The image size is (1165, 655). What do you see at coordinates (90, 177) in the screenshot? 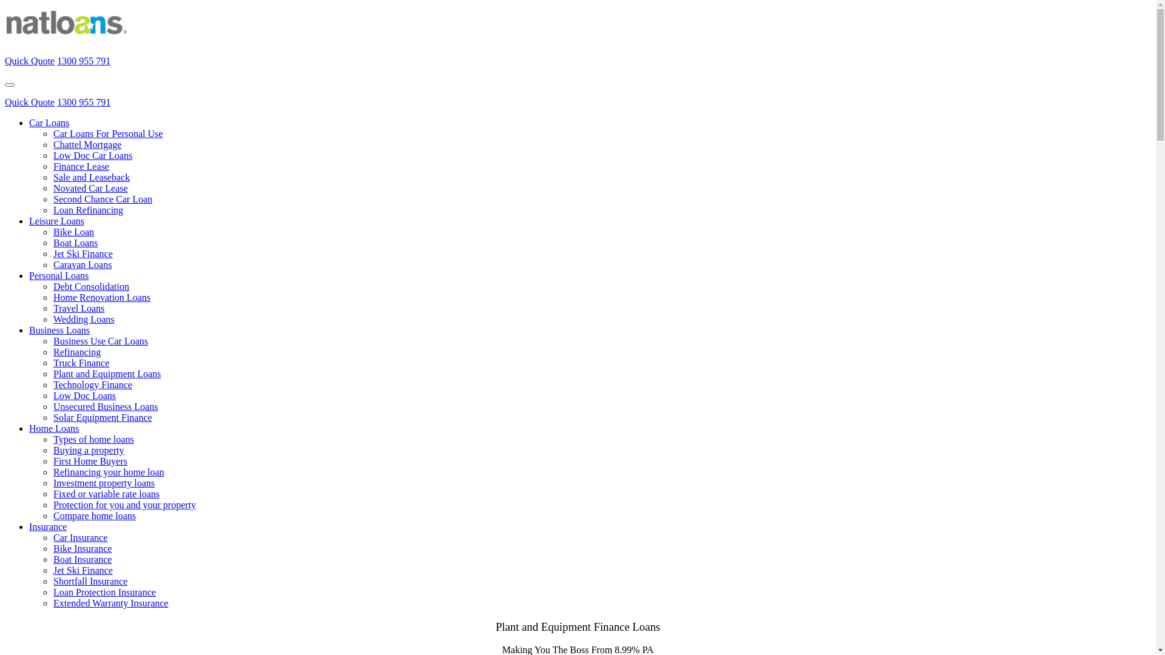
I see `'Sale and Leaseback'` at bounding box center [90, 177].